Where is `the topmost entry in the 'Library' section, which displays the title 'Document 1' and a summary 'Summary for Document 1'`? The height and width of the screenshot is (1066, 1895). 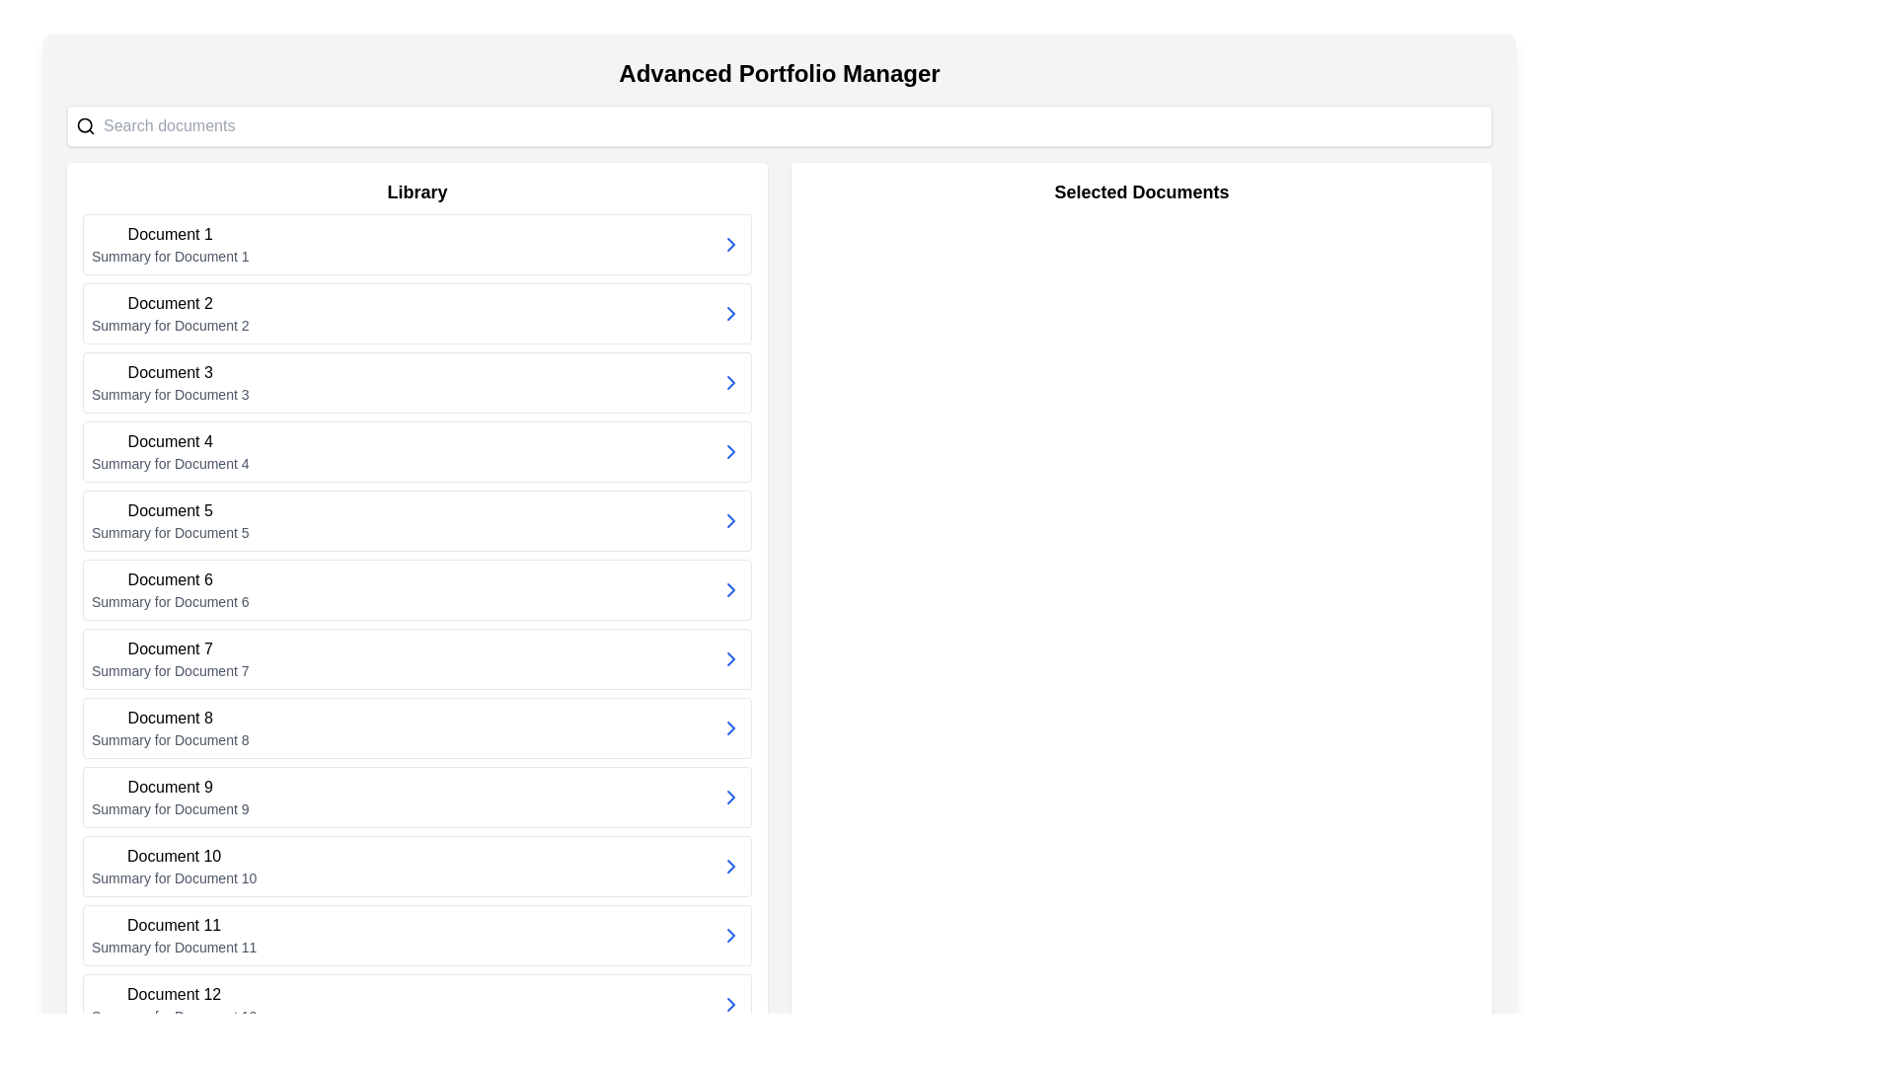
the topmost entry in the 'Library' section, which displays the title 'Document 1' and a summary 'Summary for Document 1' is located at coordinates (170, 243).